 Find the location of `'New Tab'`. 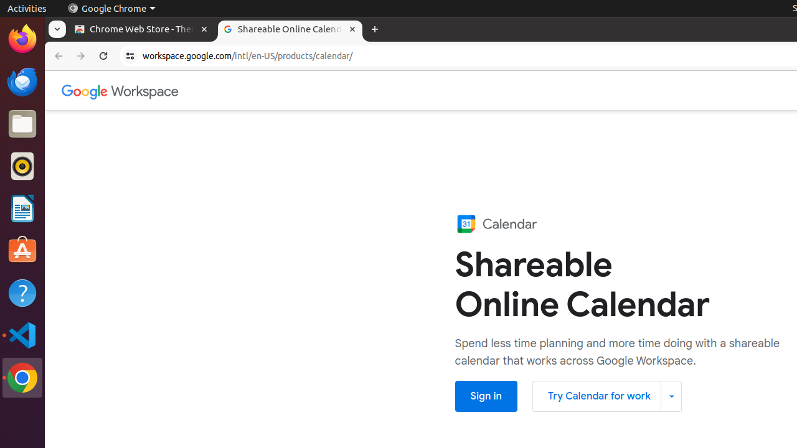

'New Tab' is located at coordinates (374, 29).